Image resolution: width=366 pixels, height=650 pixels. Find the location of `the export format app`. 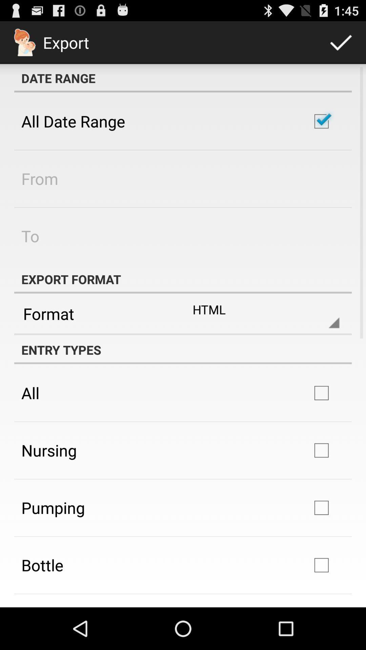

the export format app is located at coordinates (183, 279).